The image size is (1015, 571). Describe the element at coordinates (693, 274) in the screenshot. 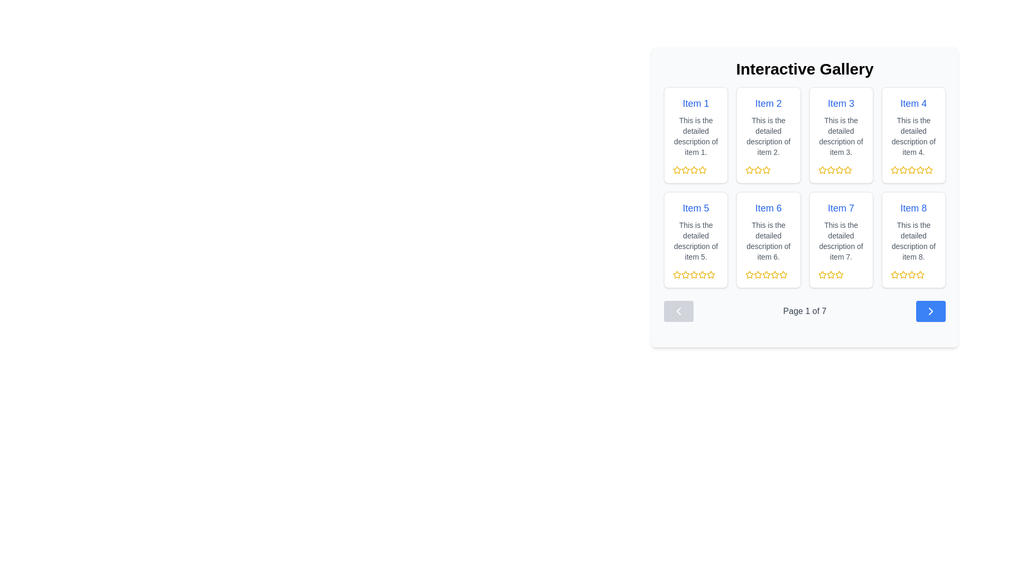

I see `the second star icon in the rating control under 'Item 5'` at that location.